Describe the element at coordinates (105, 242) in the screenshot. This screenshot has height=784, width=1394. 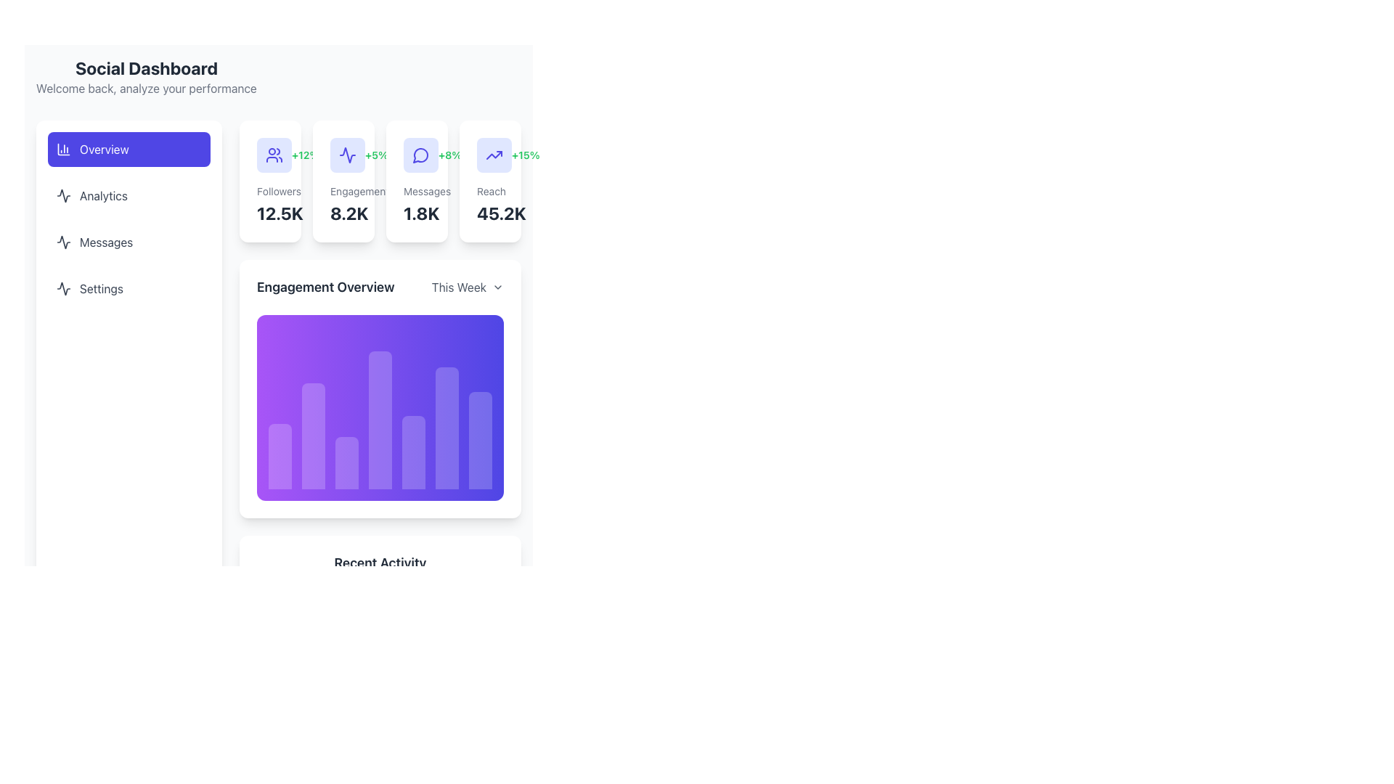
I see `the 'Messages' text label in the vertical navigation menu, which is styled with a 'capitalize' class and is located below the 'Analytics' option` at that location.